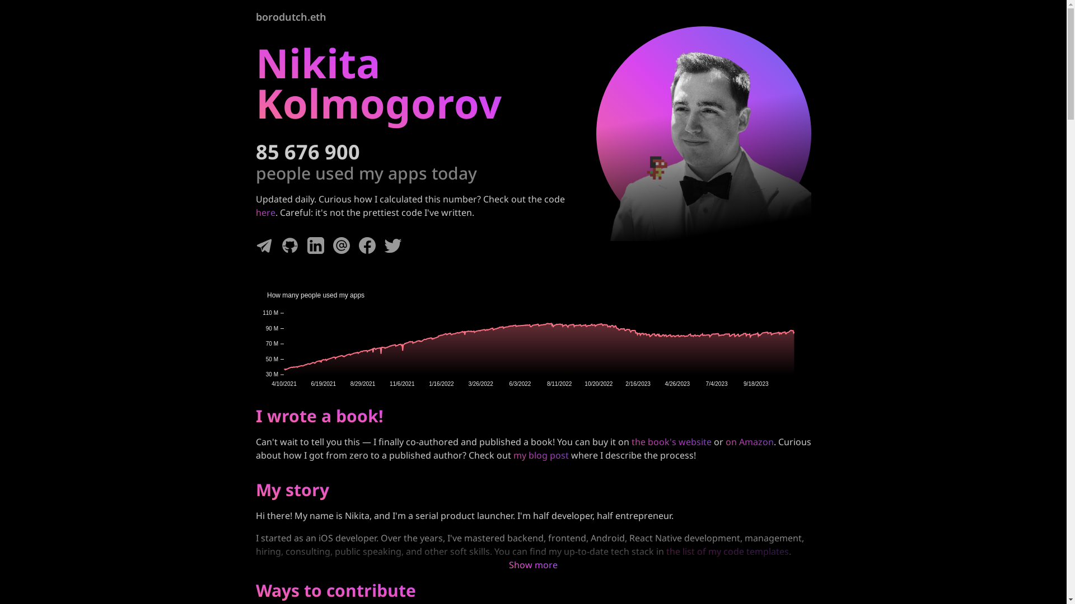 This screenshot has height=604, width=1075. Describe the element at coordinates (264, 213) in the screenshot. I see `'here'` at that location.